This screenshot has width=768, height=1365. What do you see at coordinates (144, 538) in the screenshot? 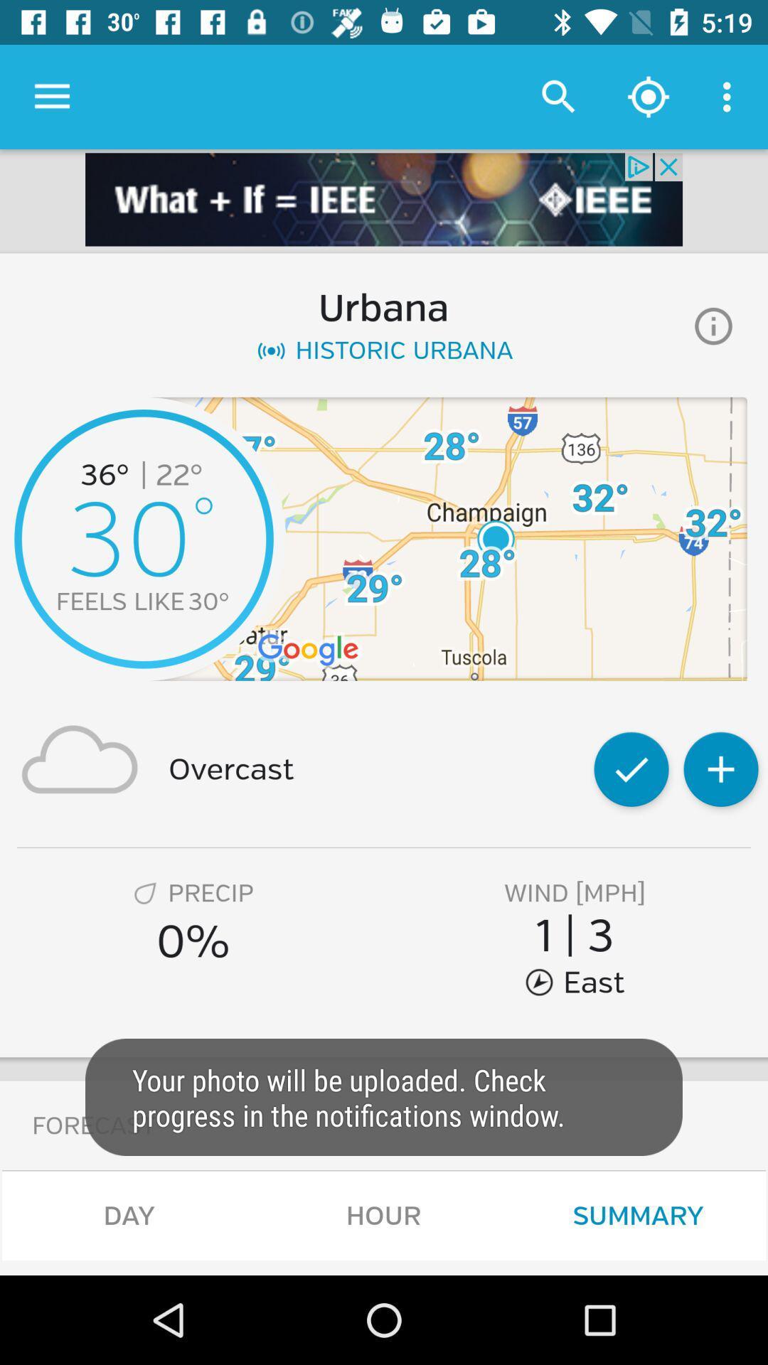
I see `the blue colored circle with number 30` at bounding box center [144, 538].